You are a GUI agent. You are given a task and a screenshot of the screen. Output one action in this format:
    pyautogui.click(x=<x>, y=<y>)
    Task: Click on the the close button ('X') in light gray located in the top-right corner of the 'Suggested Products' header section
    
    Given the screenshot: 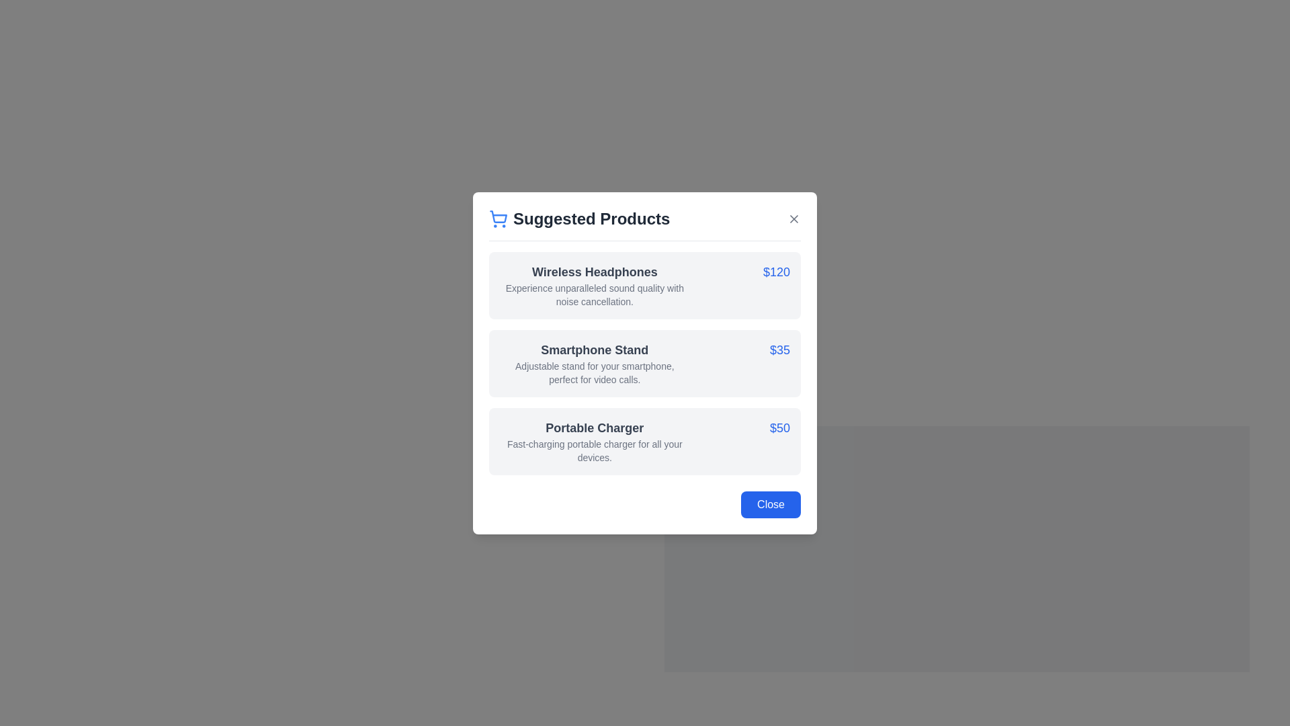 What is the action you would take?
    pyautogui.click(x=793, y=217)
    